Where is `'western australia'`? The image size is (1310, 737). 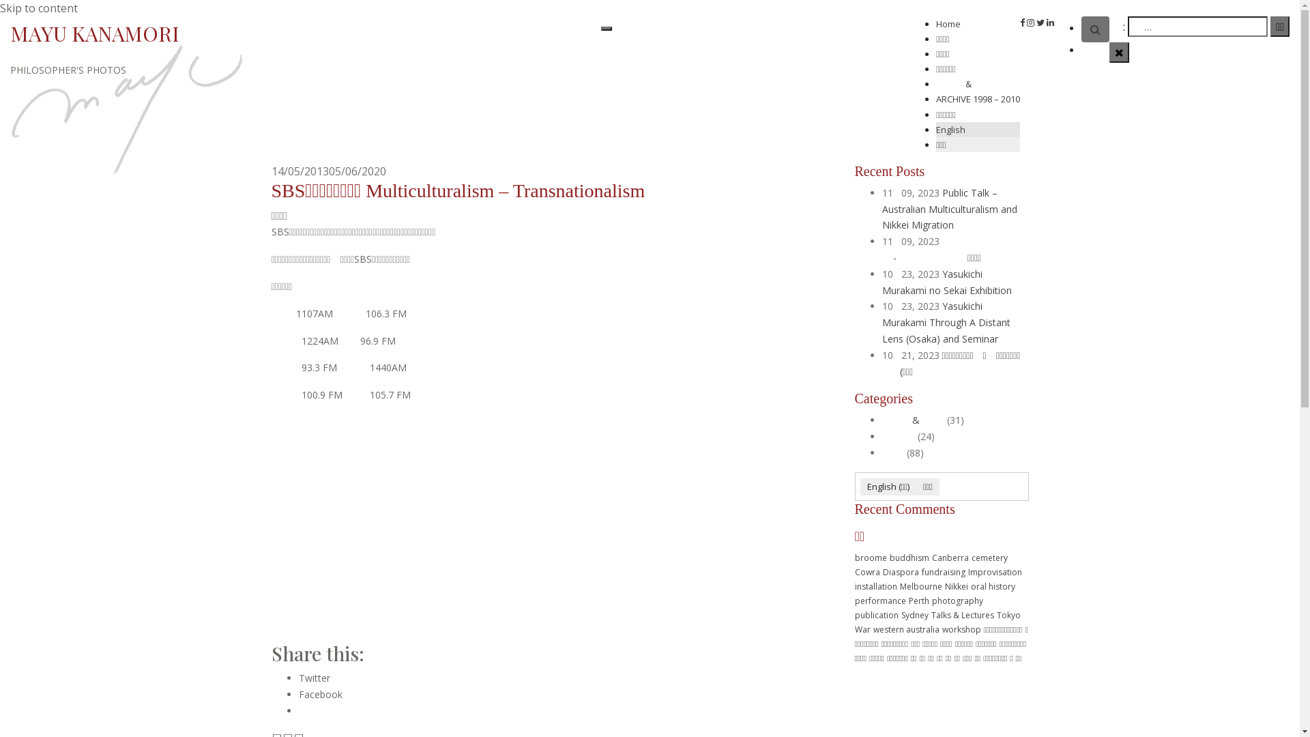 'western australia' is located at coordinates (906, 629).